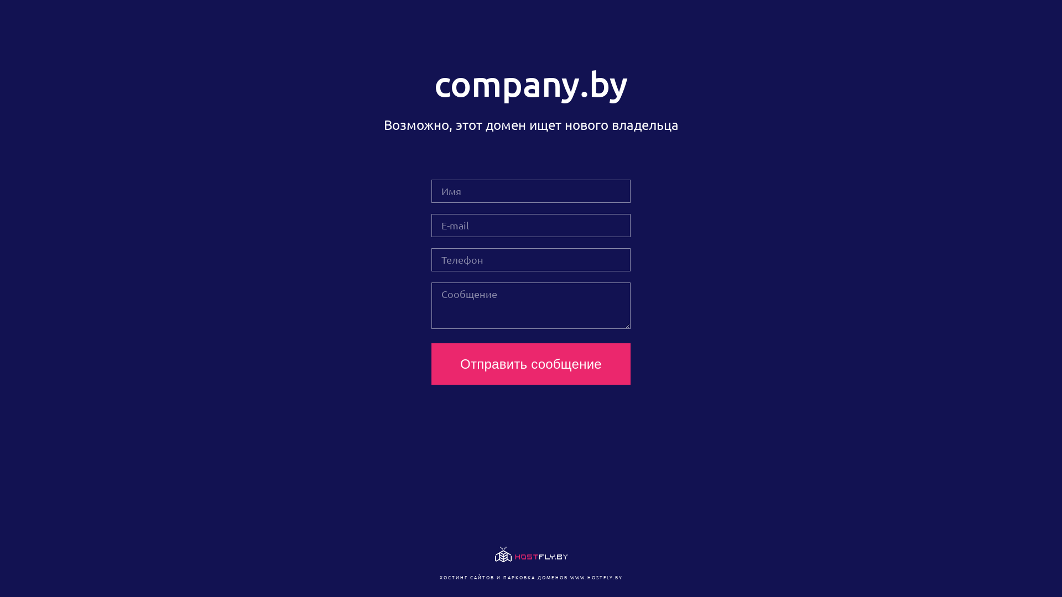 The width and height of the screenshot is (1062, 597). Describe the element at coordinates (595, 577) in the screenshot. I see `'WWW.HOSTFLY.BY'` at that location.